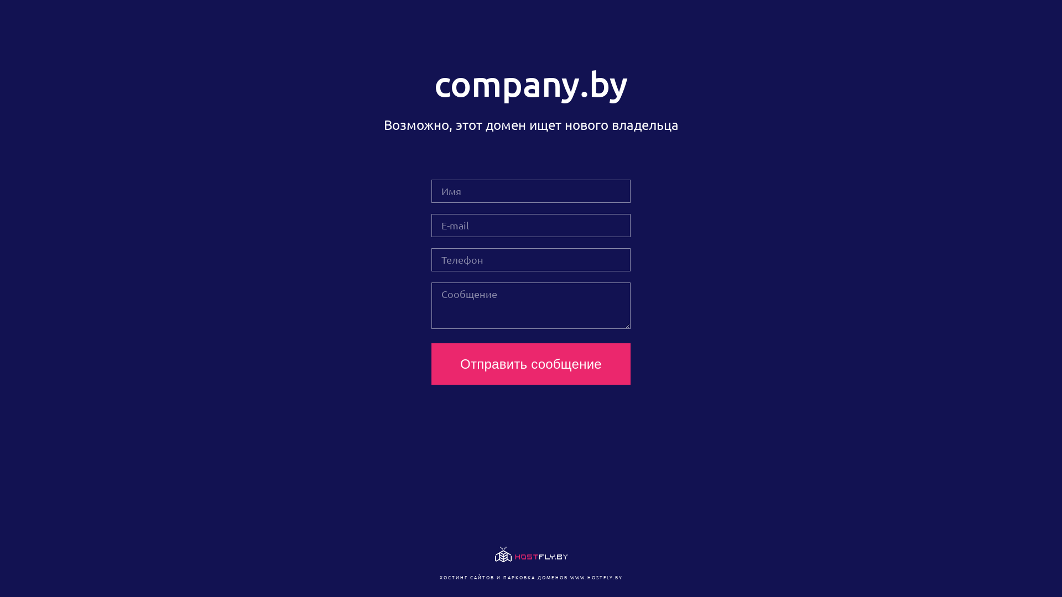 The width and height of the screenshot is (1062, 597). Describe the element at coordinates (595, 577) in the screenshot. I see `'WWW.HOSTFLY.BY'` at that location.